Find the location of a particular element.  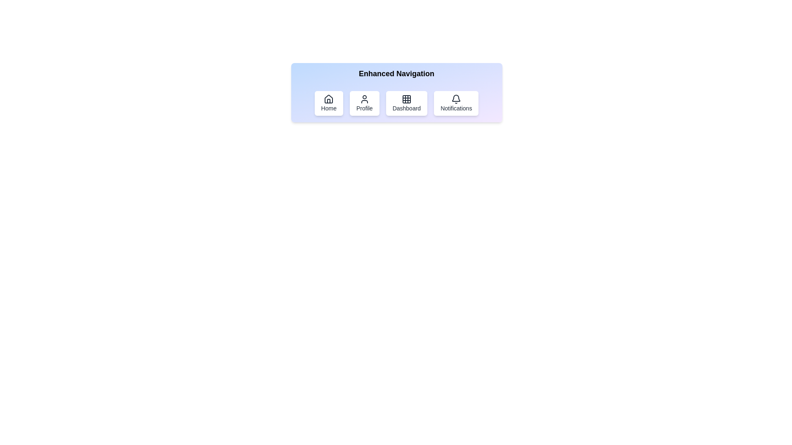

the top-left square of the 3x3 grid icon inside the 'Dashboard' button in the 'Enhanced Navigation' interface is located at coordinates (406, 98).